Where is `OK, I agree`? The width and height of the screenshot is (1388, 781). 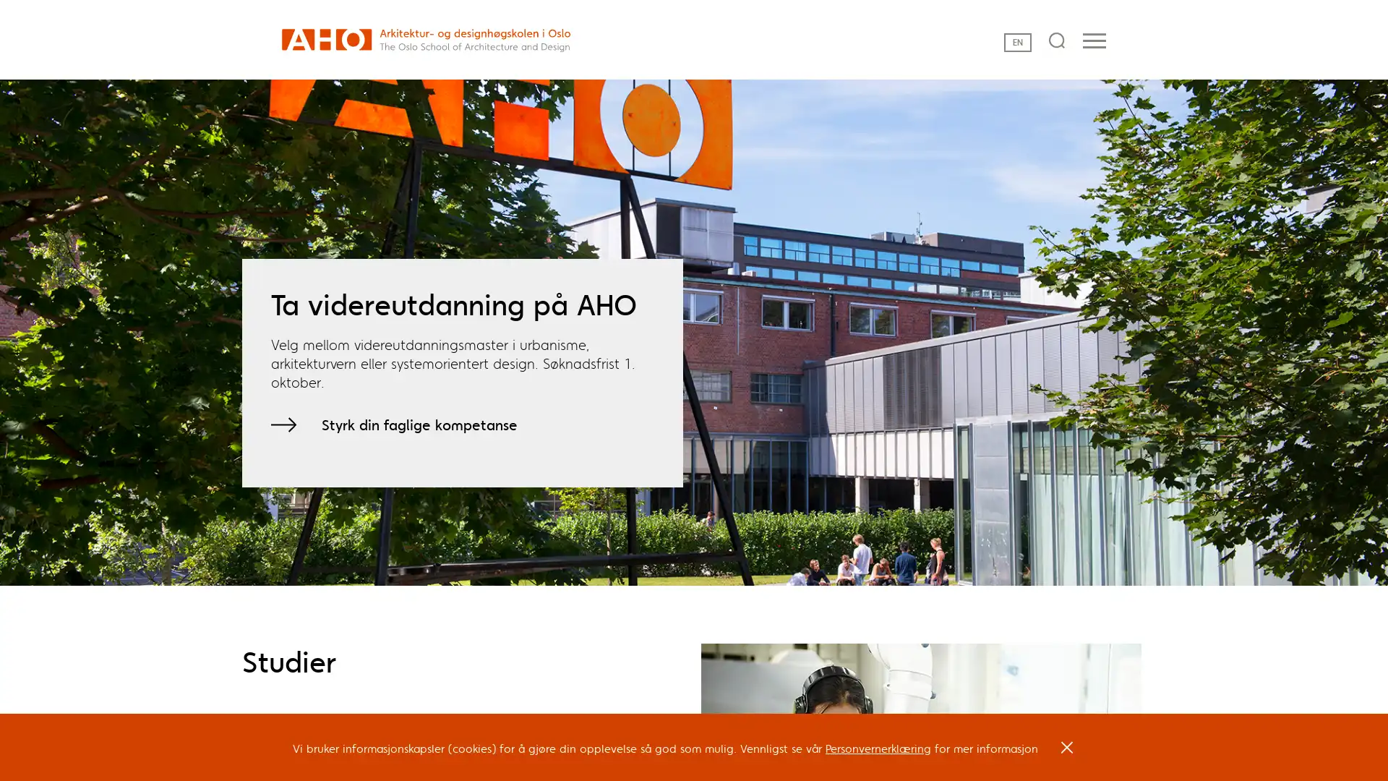
OK, I agree is located at coordinates (1067, 752).